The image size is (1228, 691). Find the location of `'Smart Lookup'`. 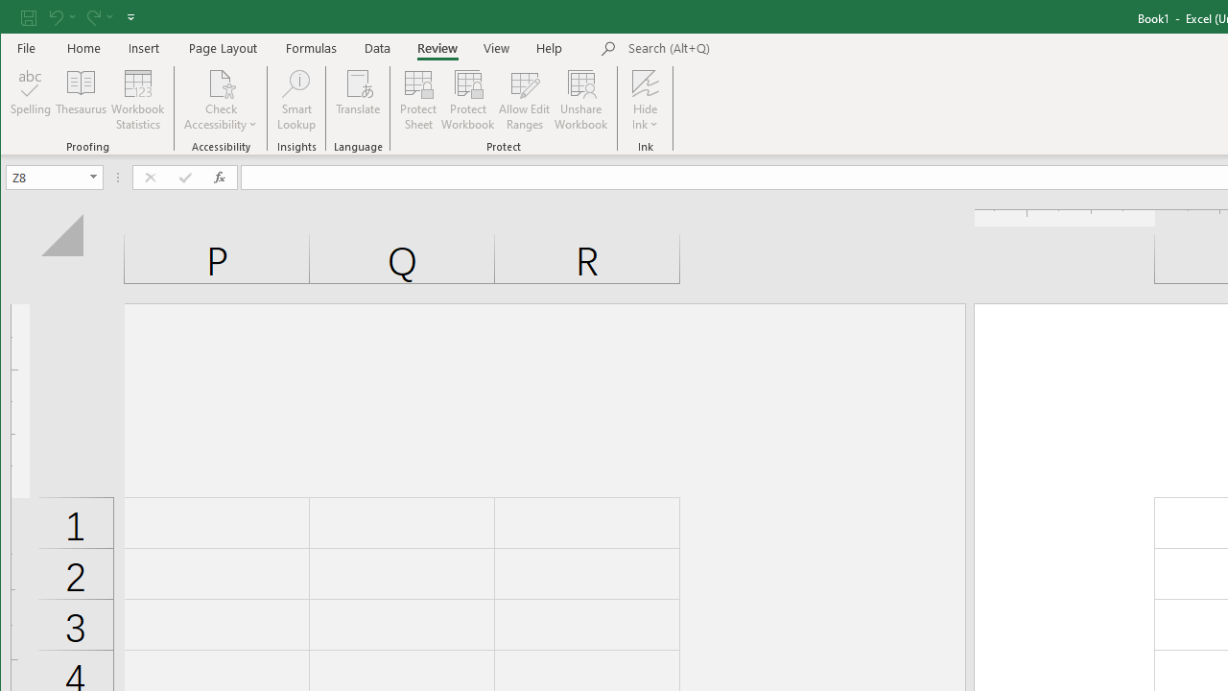

'Smart Lookup' is located at coordinates (295, 100).